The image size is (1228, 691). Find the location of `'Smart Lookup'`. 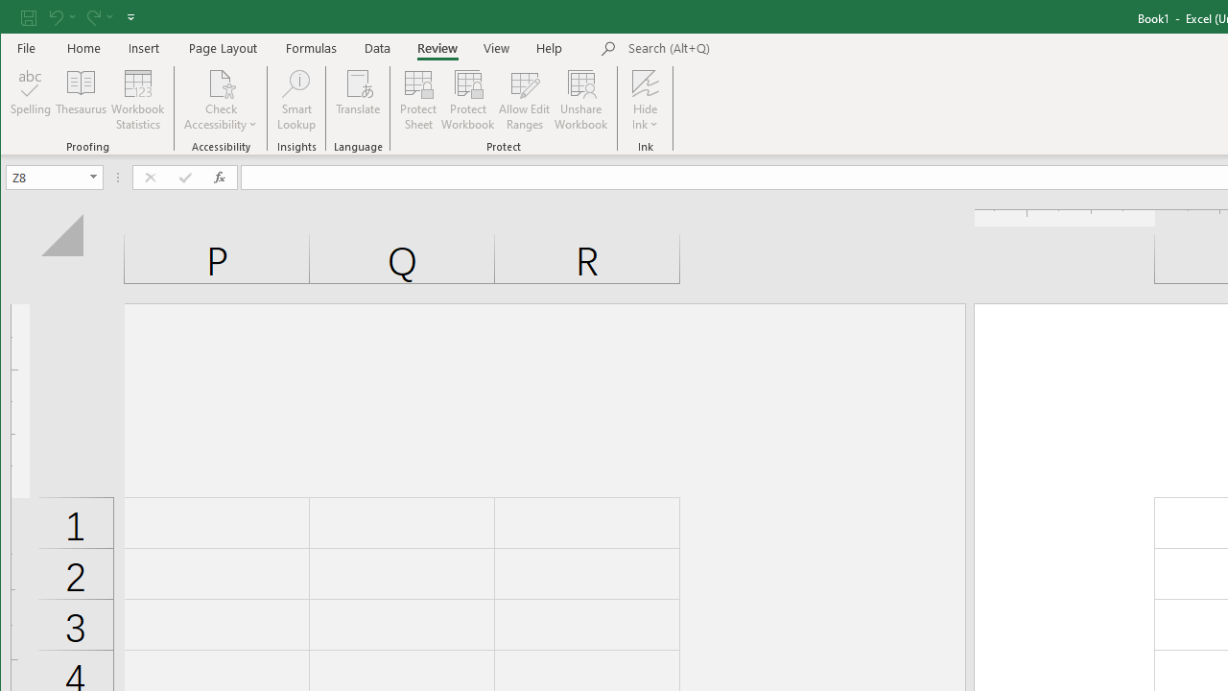

'Smart Lookup' is located at coordinates (295, 100).